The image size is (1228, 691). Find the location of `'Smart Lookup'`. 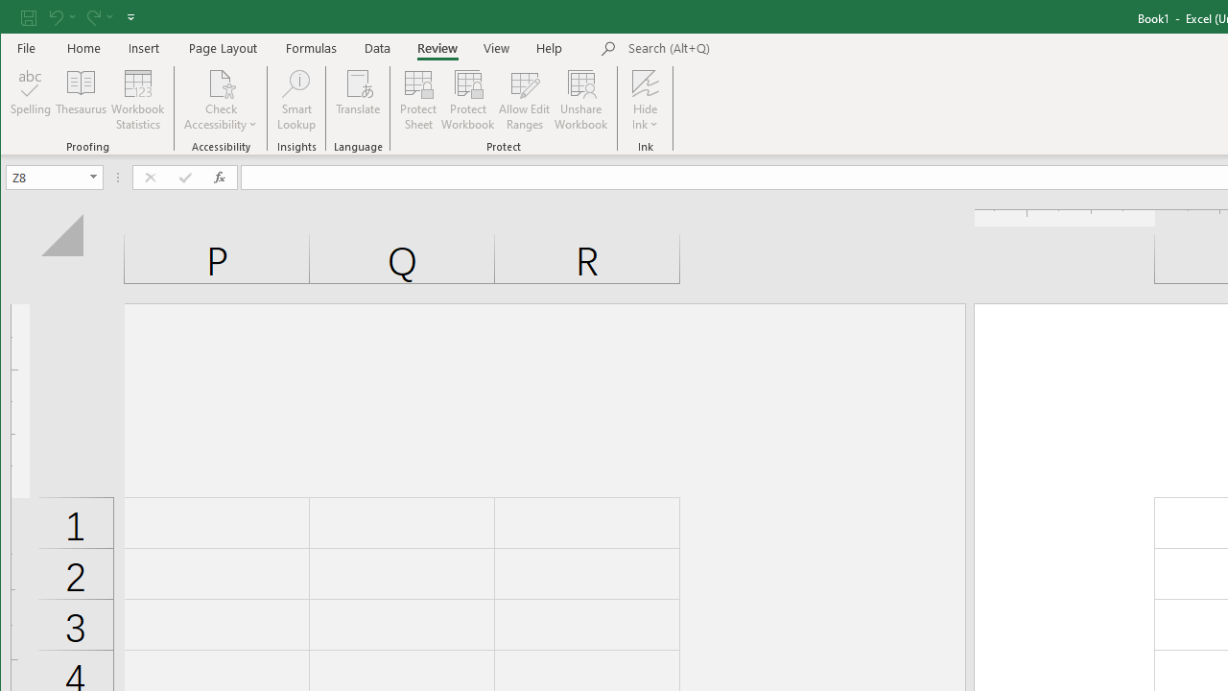

'Smart Lookup' is located at coordinates (295, 100).